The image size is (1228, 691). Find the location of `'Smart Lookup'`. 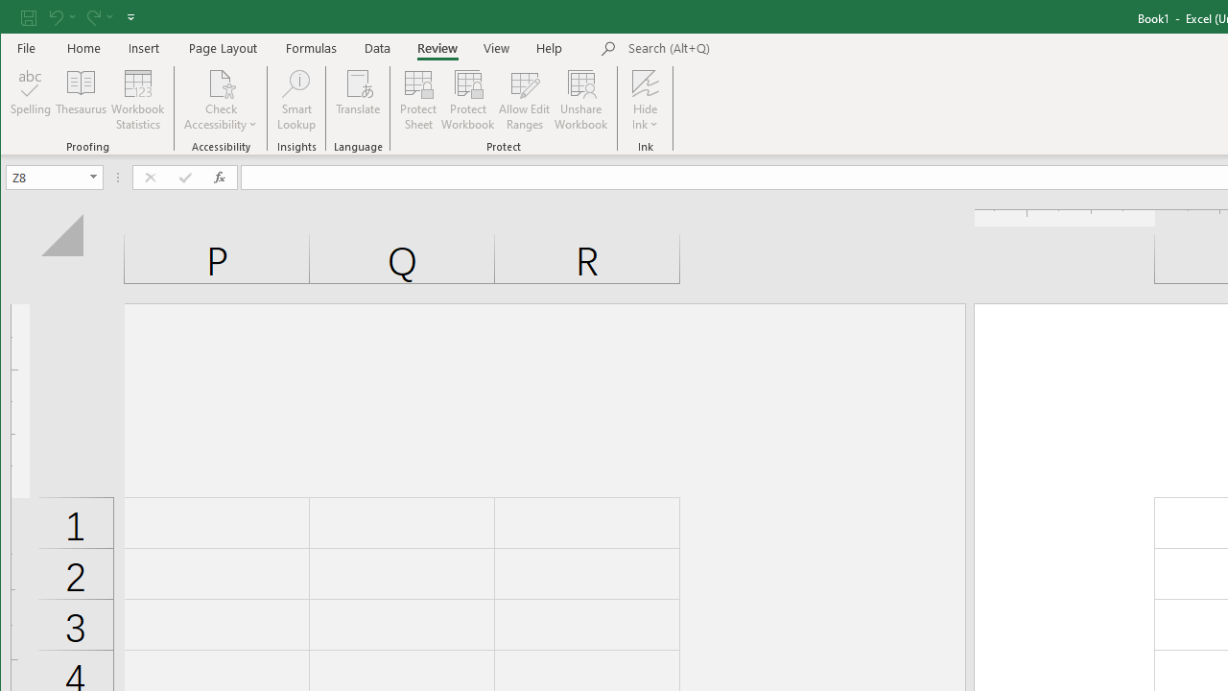

'Smart Lookup' is located at coordinates (295, 100).